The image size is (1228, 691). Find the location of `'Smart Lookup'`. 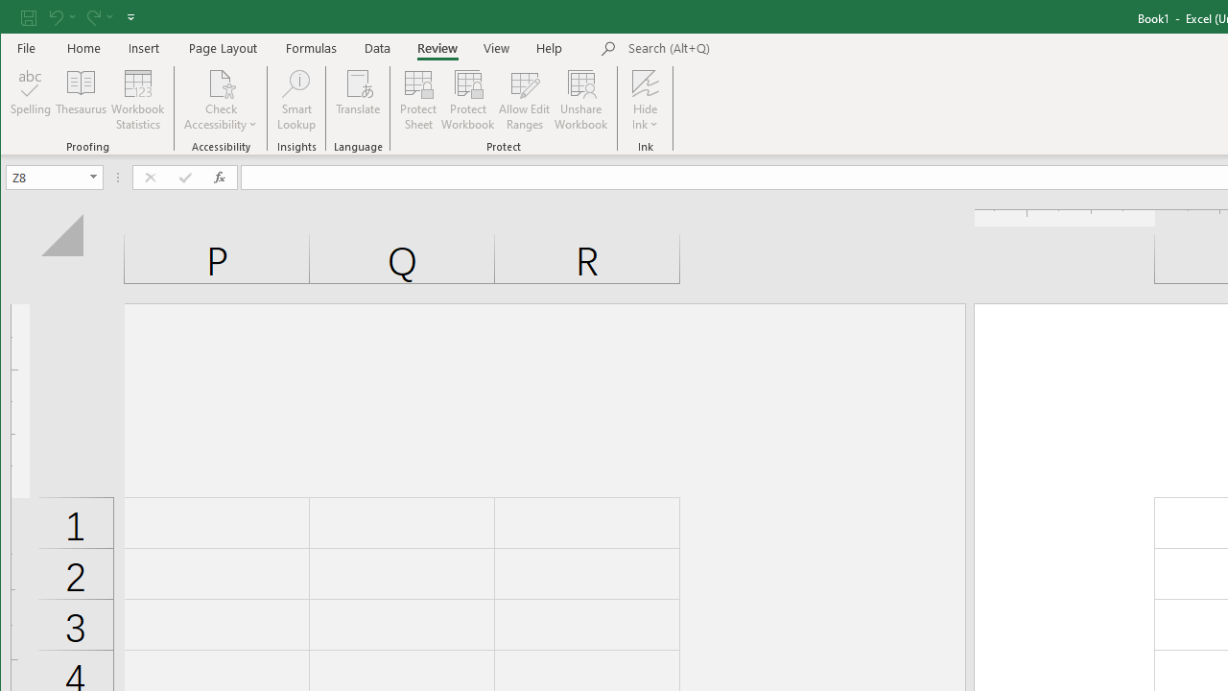

'Smart Lookup' is located at coordinates (295, 100).